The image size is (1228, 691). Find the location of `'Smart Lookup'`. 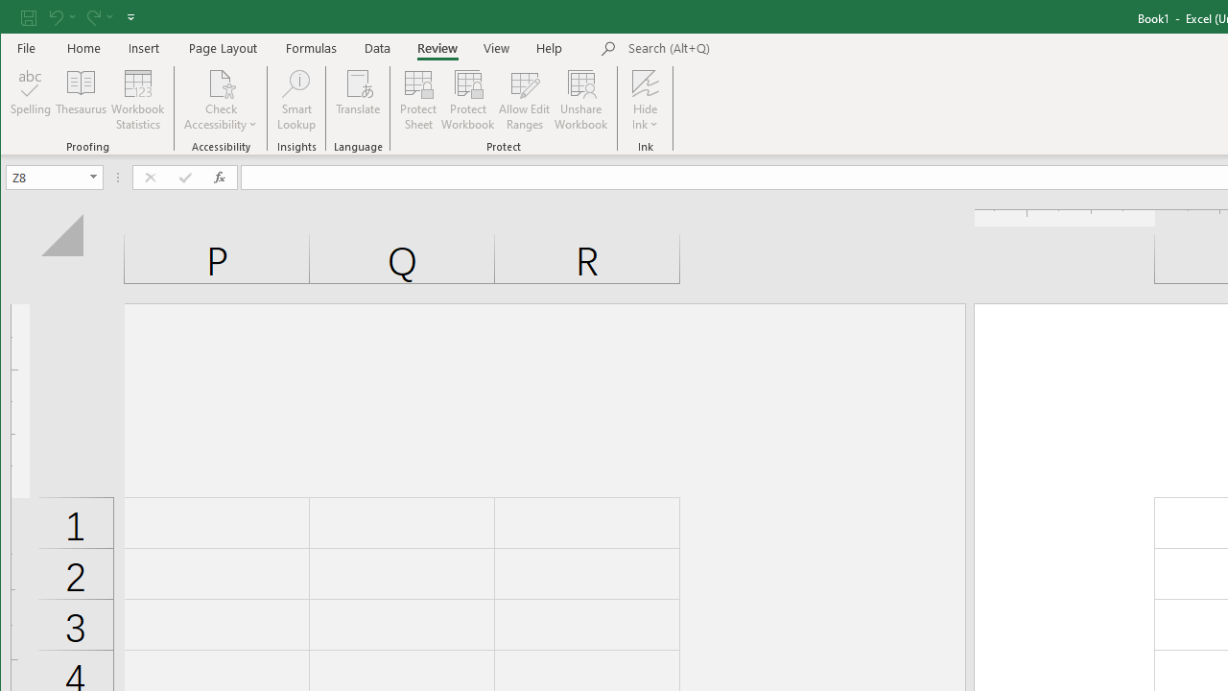

'Smart Lookup' is located at coordinates (295, 100).